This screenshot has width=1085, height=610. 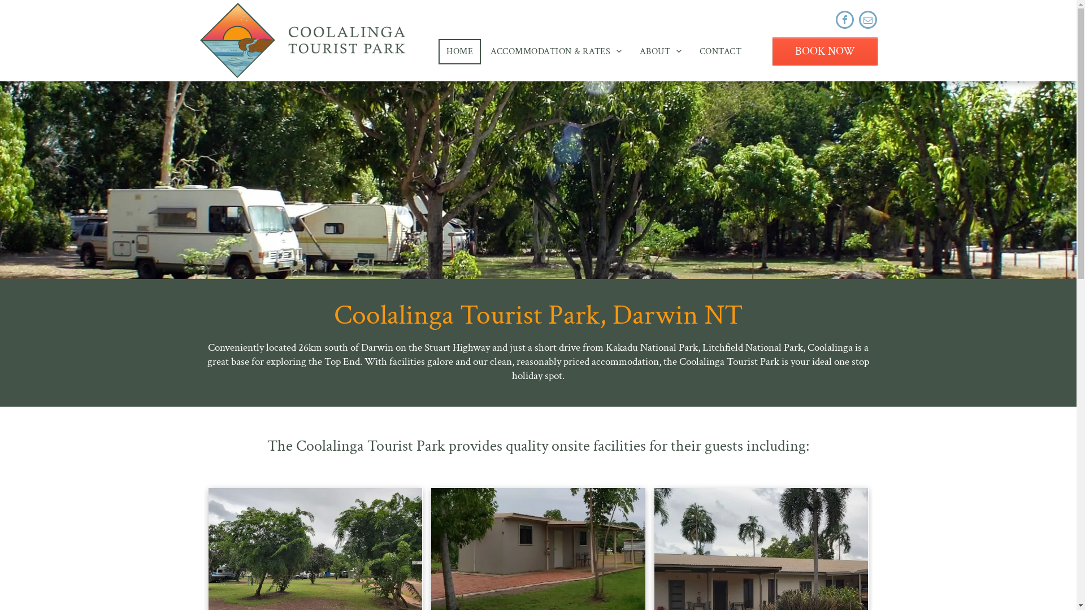 I want to click on 'ACCOMMODATION & RATES', so click(x=556, y=51).